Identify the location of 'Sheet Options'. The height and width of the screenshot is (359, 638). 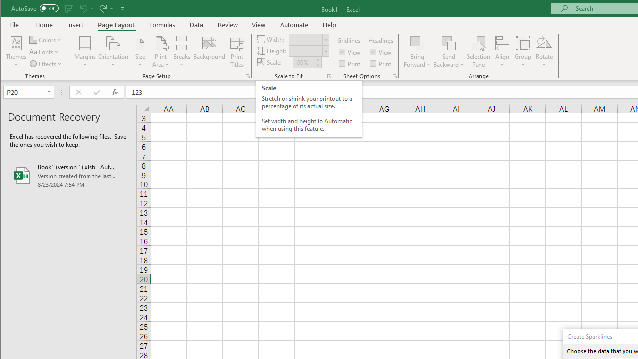
(394, 76).